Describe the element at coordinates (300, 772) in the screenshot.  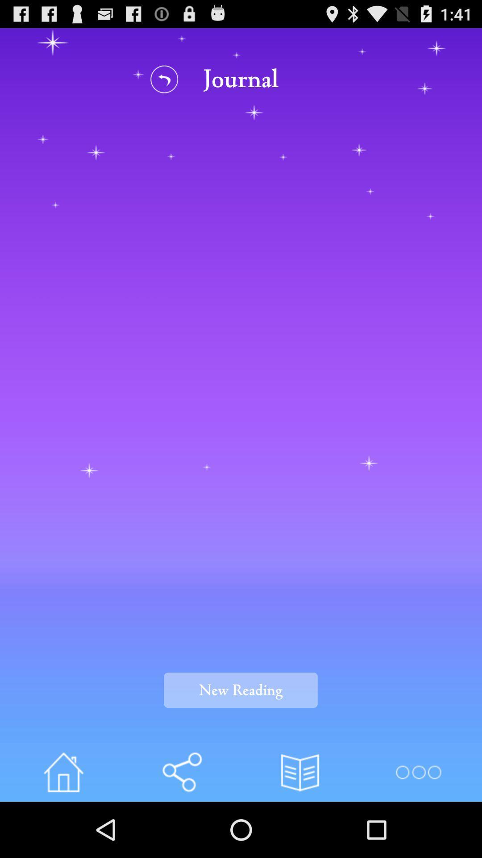
I see `bookmark page` at that location.